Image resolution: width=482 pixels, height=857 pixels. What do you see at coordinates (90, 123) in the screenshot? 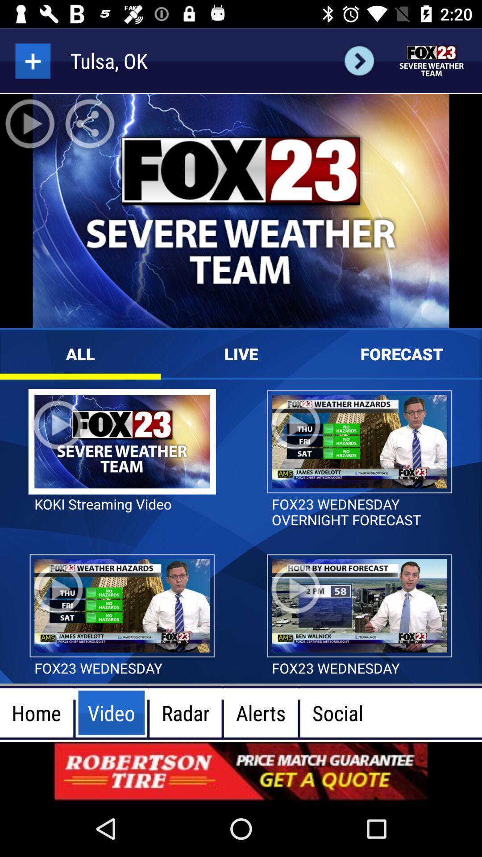
I see `the share icon` at bounding box center [90, 123].